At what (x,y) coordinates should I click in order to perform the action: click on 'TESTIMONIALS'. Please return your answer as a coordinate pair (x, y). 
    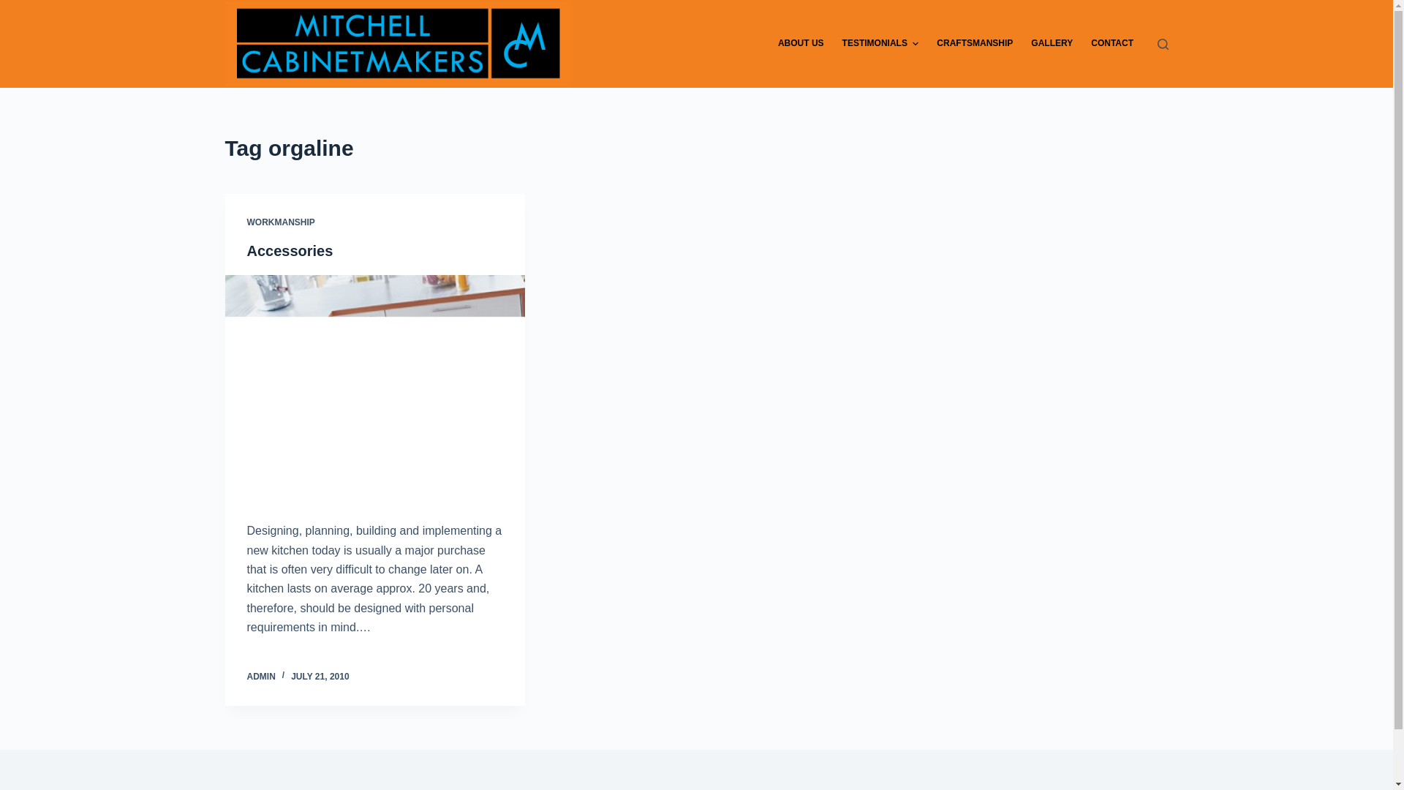
    Looking at the image, I should click on (880, 43).